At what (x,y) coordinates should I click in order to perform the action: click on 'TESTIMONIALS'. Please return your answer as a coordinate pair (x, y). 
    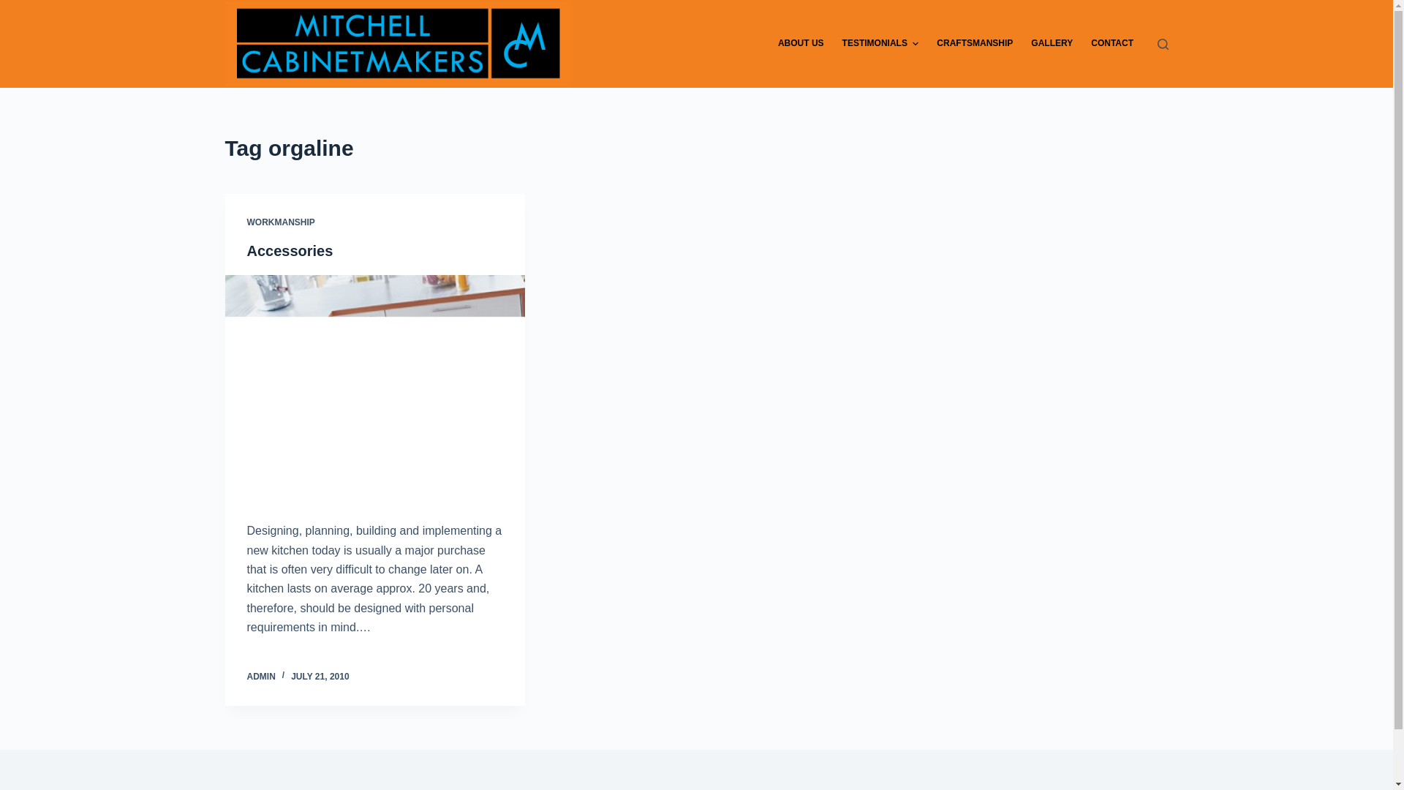
    Looking at the image, I should click on (880, 43).